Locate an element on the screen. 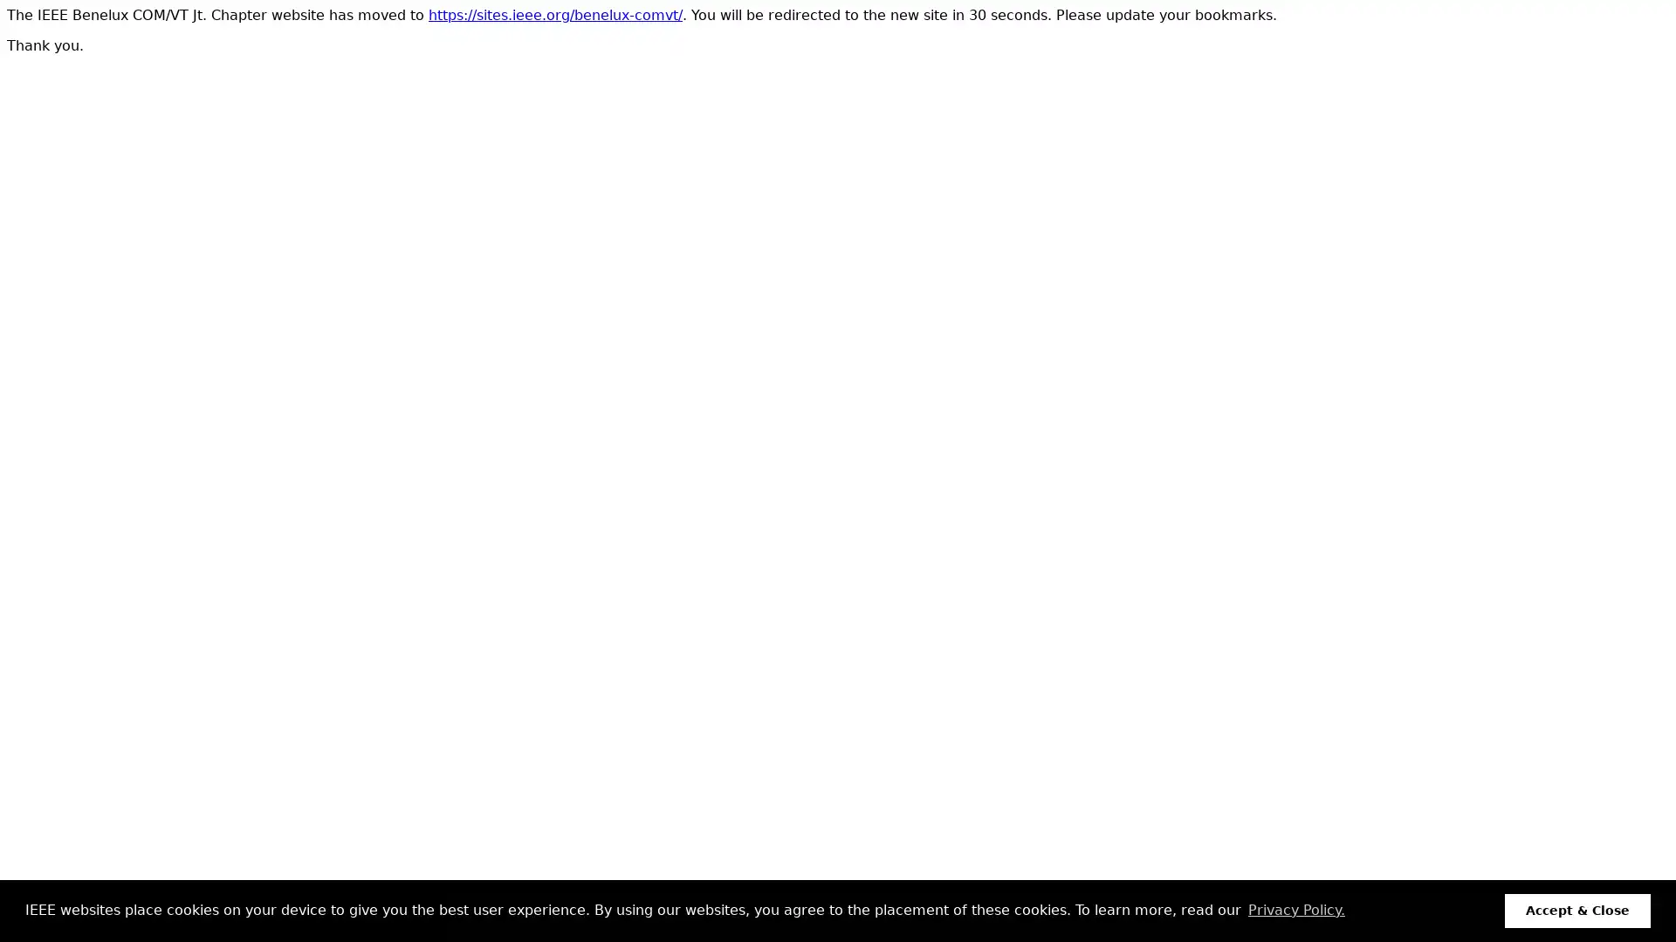  dismiss cookie message is located at coordinates (1577, 910).